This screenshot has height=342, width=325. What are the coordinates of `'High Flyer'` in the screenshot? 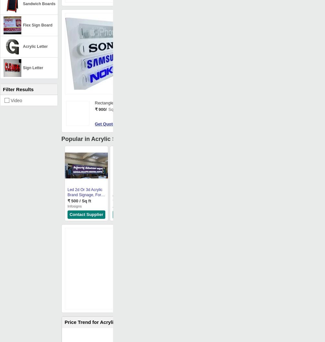 It's located at (203, 206).